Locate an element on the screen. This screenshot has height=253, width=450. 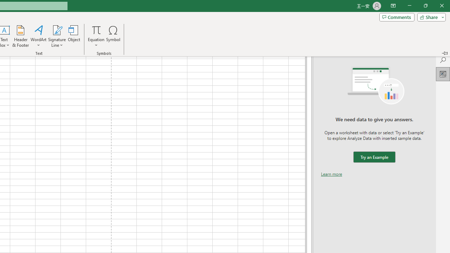
'Share' is located at coordinates (430, 17).